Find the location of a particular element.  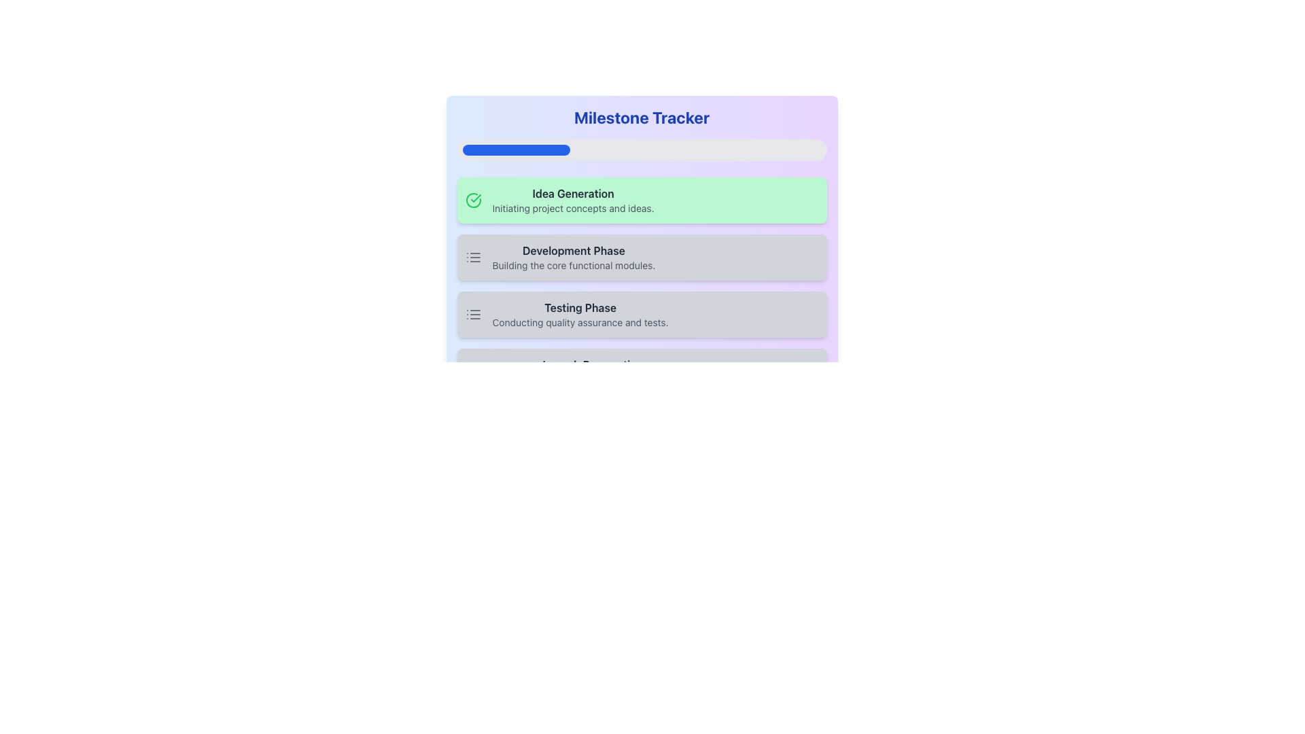

the 'list' icon associated with the 'Development Phase' label and its subtext, indicating listing functionalities is located at coordinates (473, 257).